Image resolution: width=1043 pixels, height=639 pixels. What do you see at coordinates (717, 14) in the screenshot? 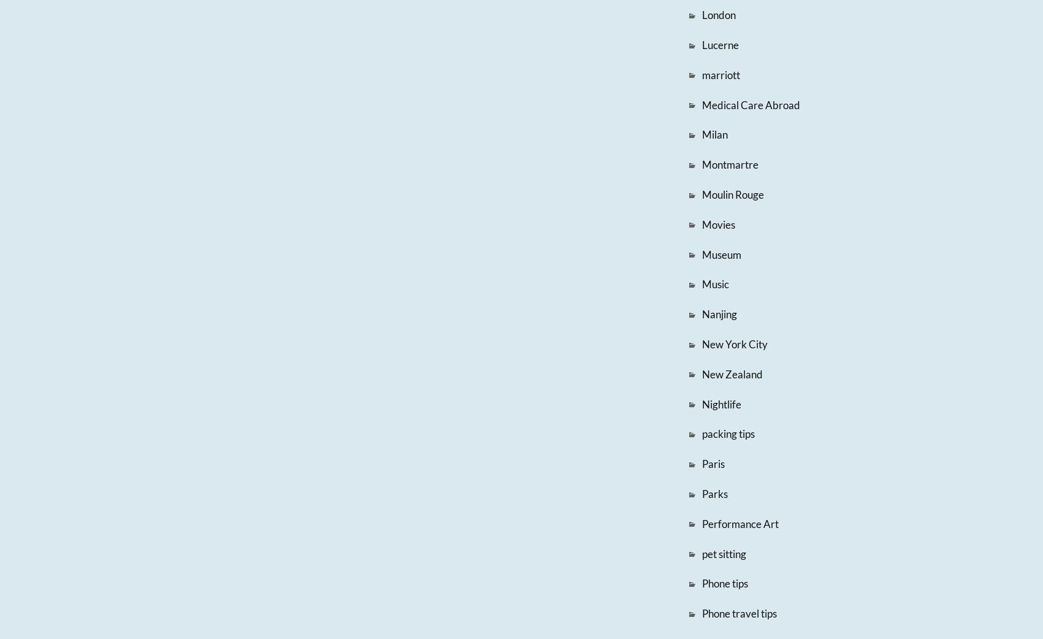
I see `'London'` at bounding box center [717, 14].